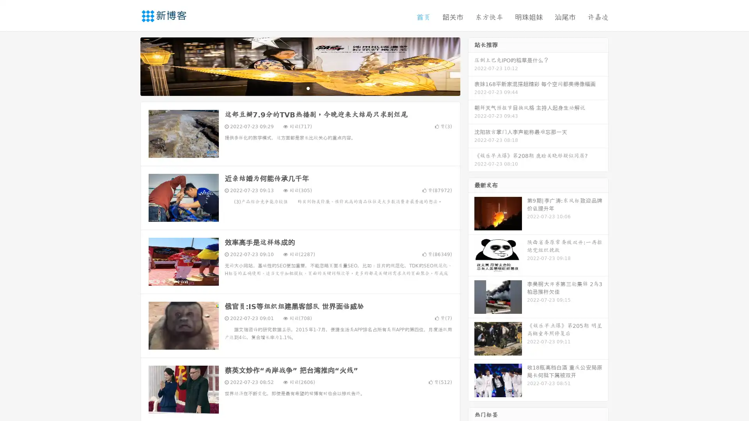 This screenshot has width=749, height=421. I want to click on Go to slide 2, so click(300, 88).